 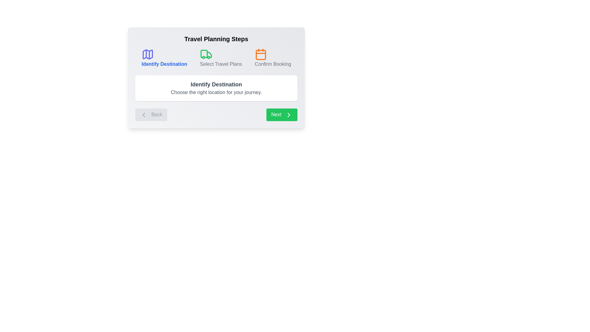 I want to click on the left-pointing chevron icon within the 'Back' button, which is styled in a minimalist gray design and located in the bottom left of the user interface, so click(x=143, y=115).